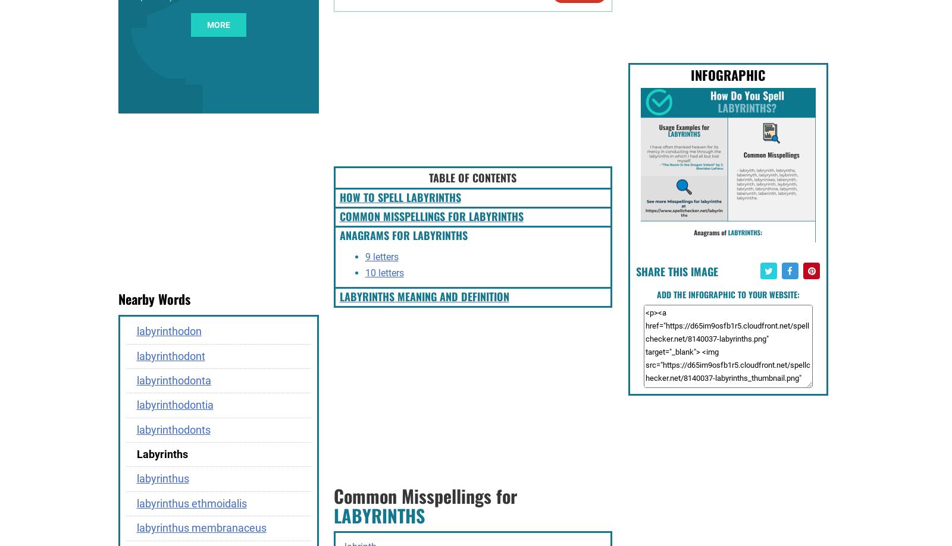 The width and height of the screenshot is (952, 546). I want to click on 'Add the infographic to your website:', so click(727, 293).